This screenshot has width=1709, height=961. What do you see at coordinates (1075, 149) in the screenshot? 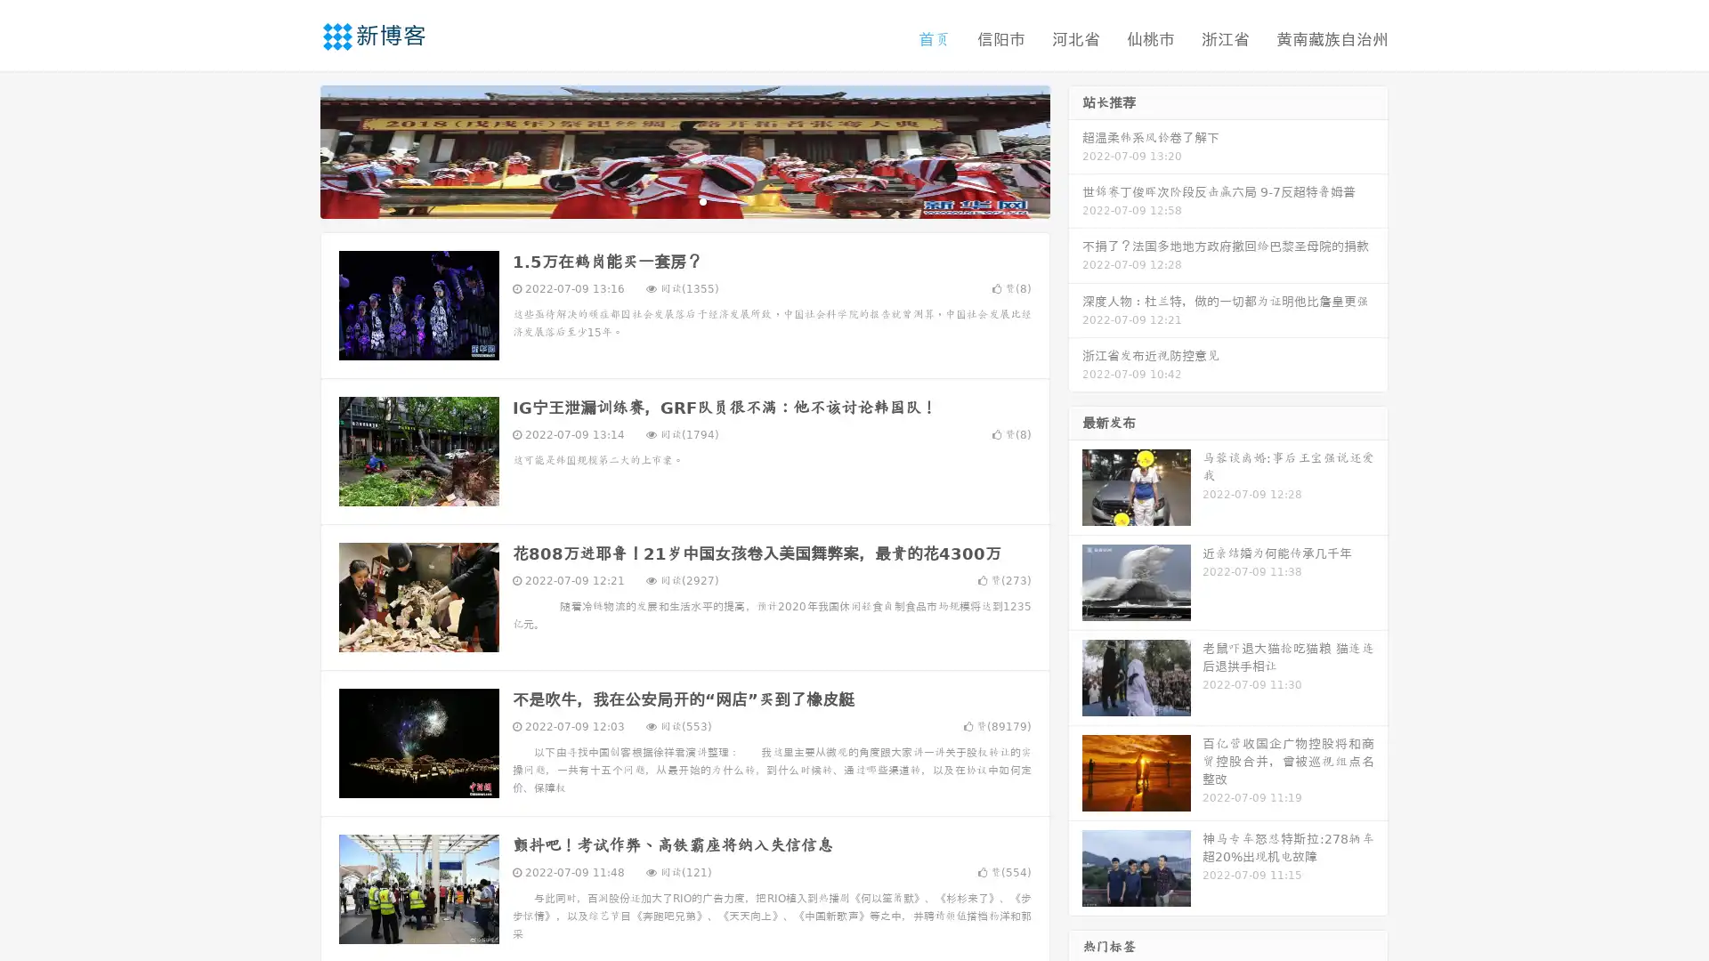
I see `Next slide` at bounding box center [1075, 149].